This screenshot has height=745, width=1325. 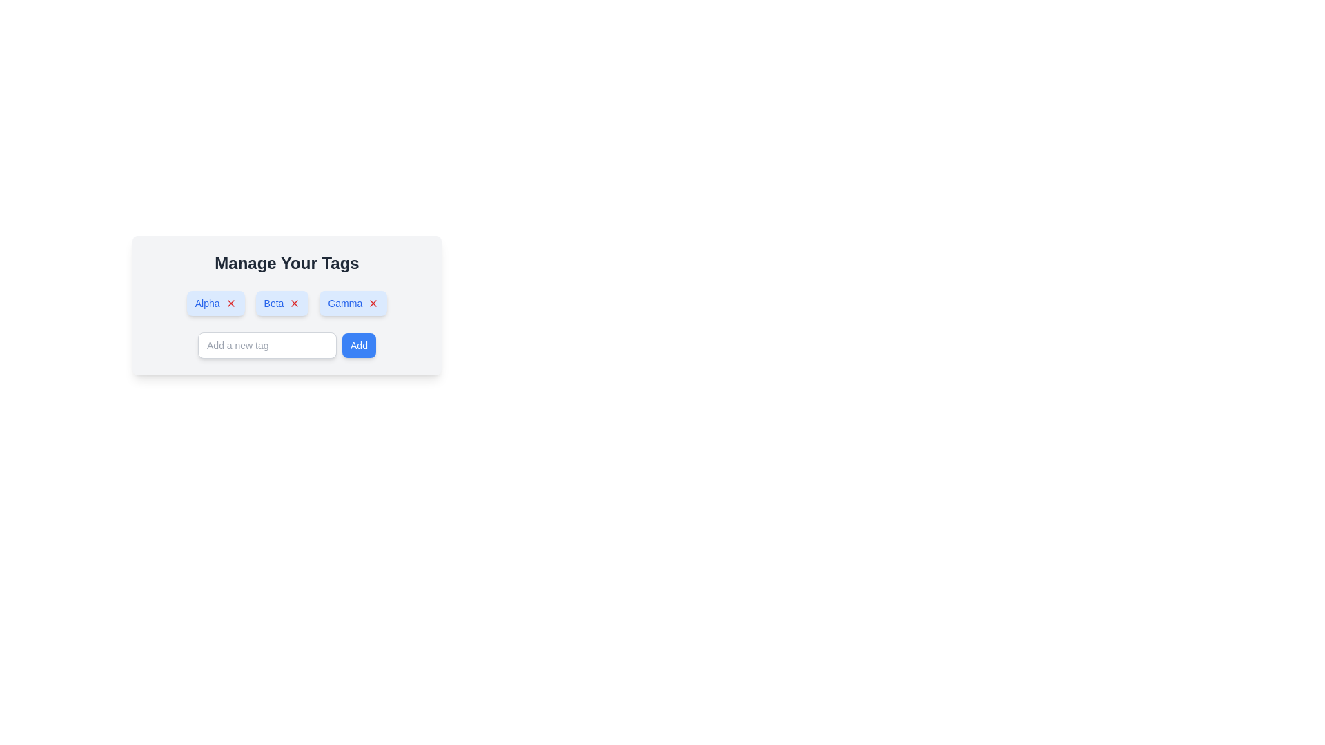 What do you see at coordinates (281, 302) in the screenshot?
I see `on the rectangular tag labeled 'Beta' with a blue background and a red 'X' icon` at bounding box center [281, 302].